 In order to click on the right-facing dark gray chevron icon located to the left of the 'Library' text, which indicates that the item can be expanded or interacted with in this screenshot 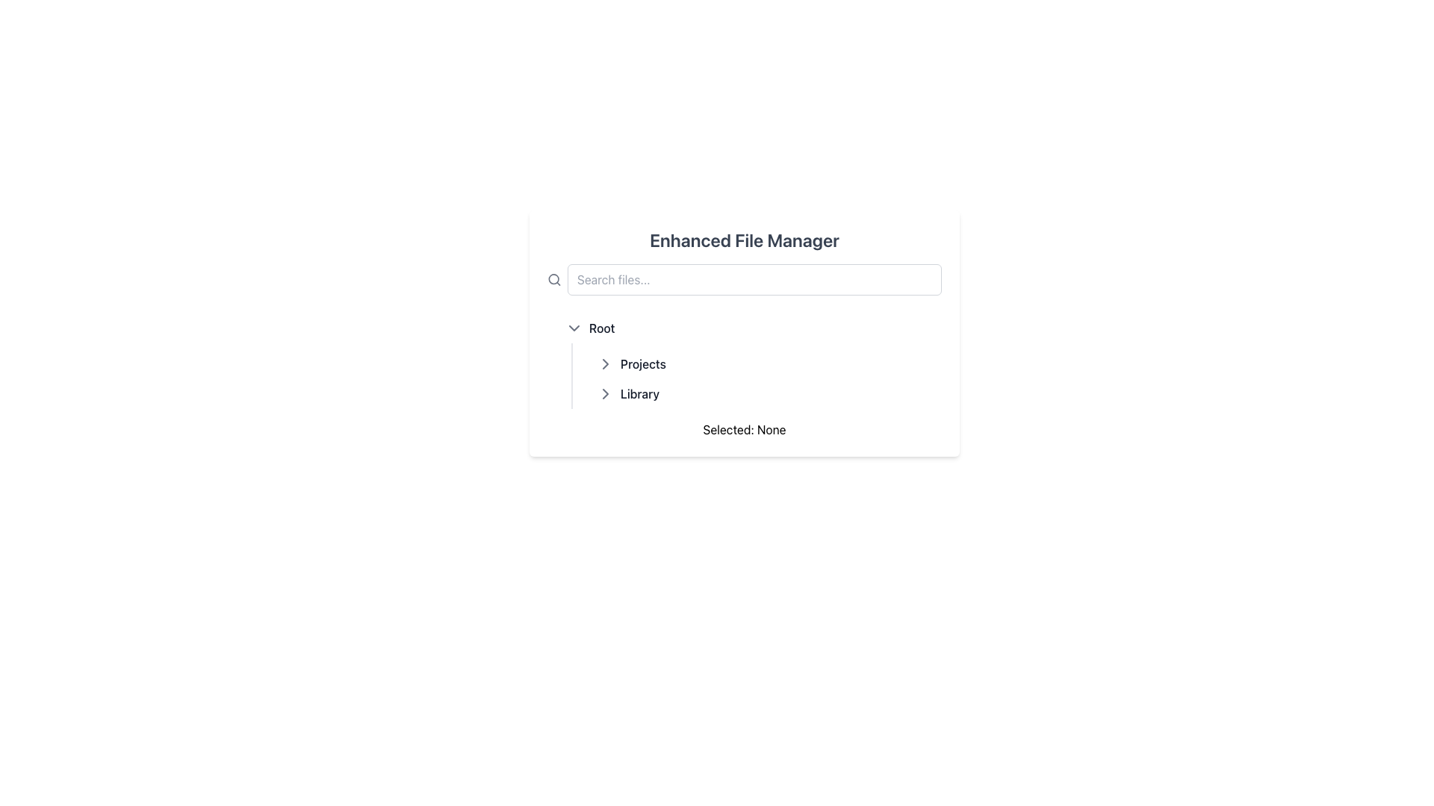, I will do `click(606, 393)`.